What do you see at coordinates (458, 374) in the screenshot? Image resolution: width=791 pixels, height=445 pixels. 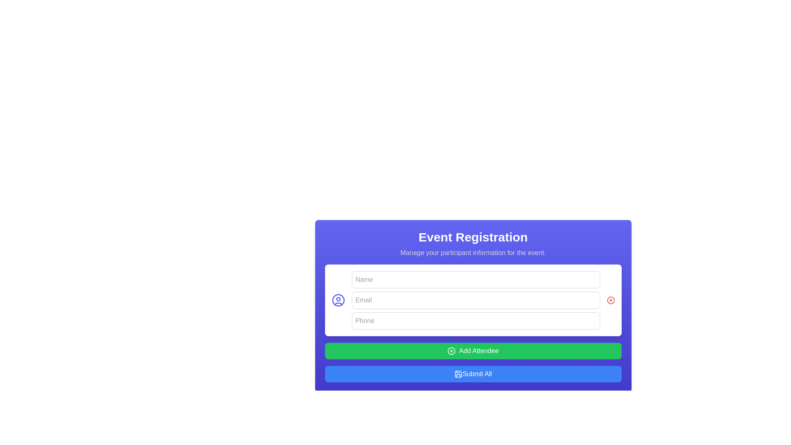 I see `the blue and white floppy disk icon located to the left of the 'Submit All' button` at bounding box center [458, 374].